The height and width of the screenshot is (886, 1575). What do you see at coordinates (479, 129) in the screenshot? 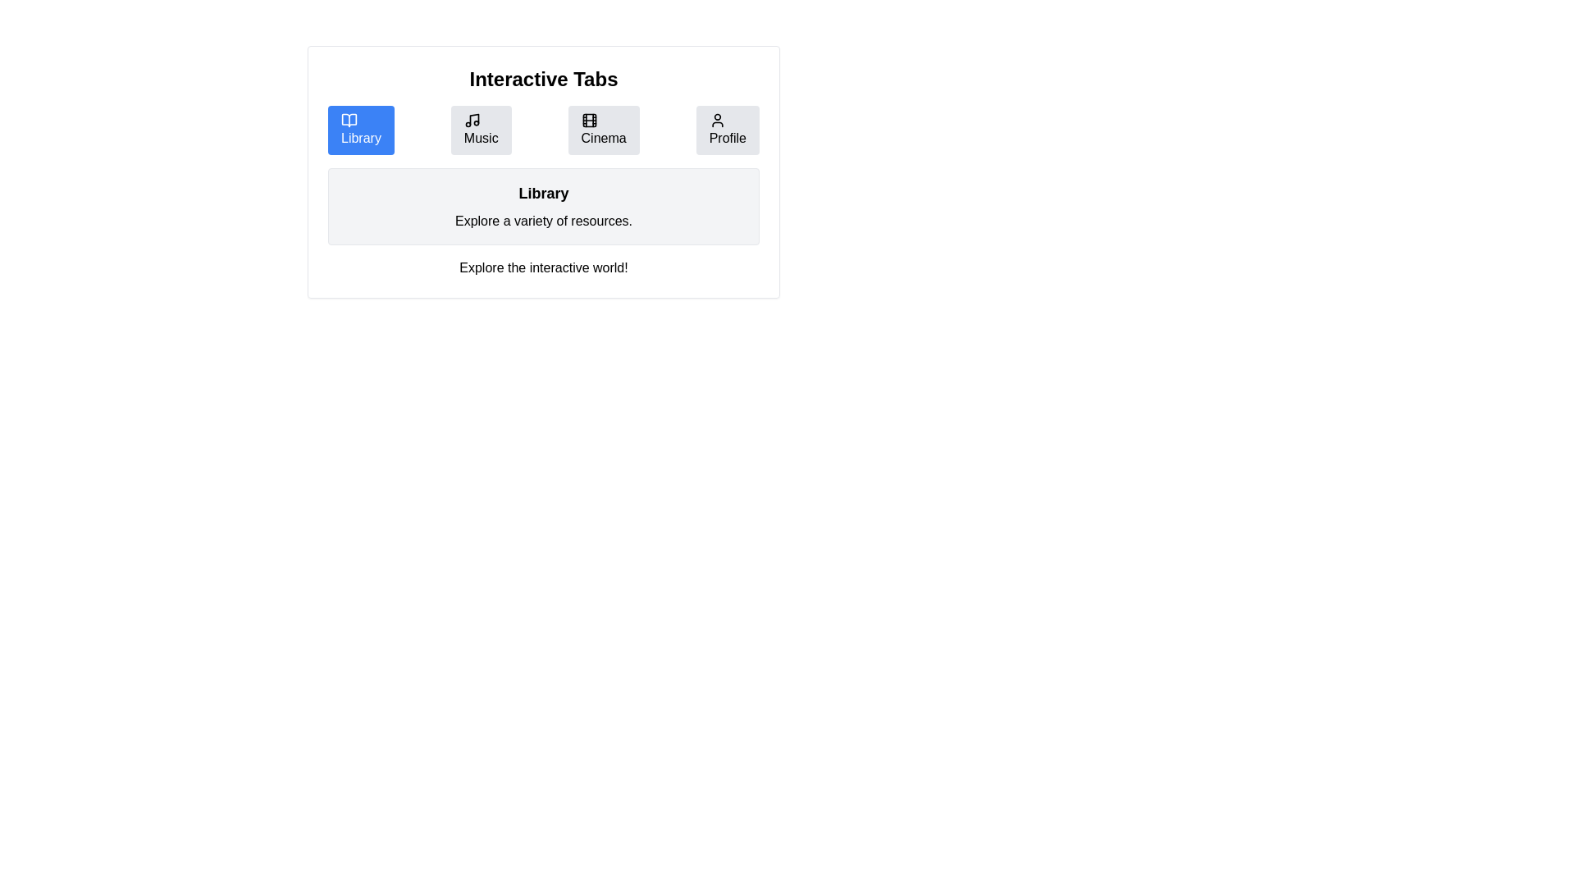
I see `the Music tab by clicking on its button` at bounding box center [479, 129].